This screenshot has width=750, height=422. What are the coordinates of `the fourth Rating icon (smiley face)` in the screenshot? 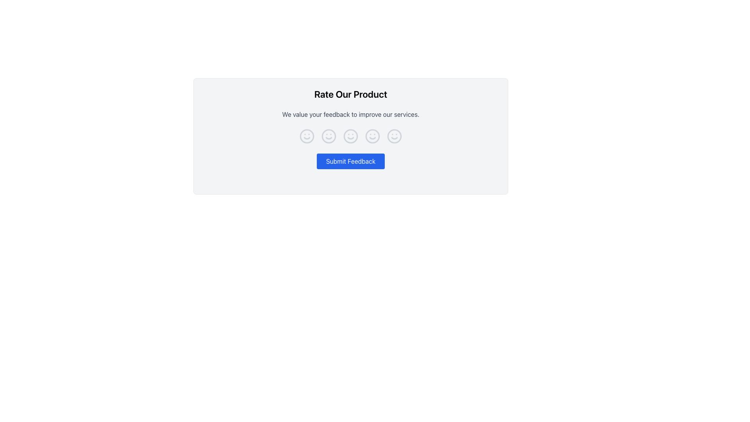 It's located at (372, 136).